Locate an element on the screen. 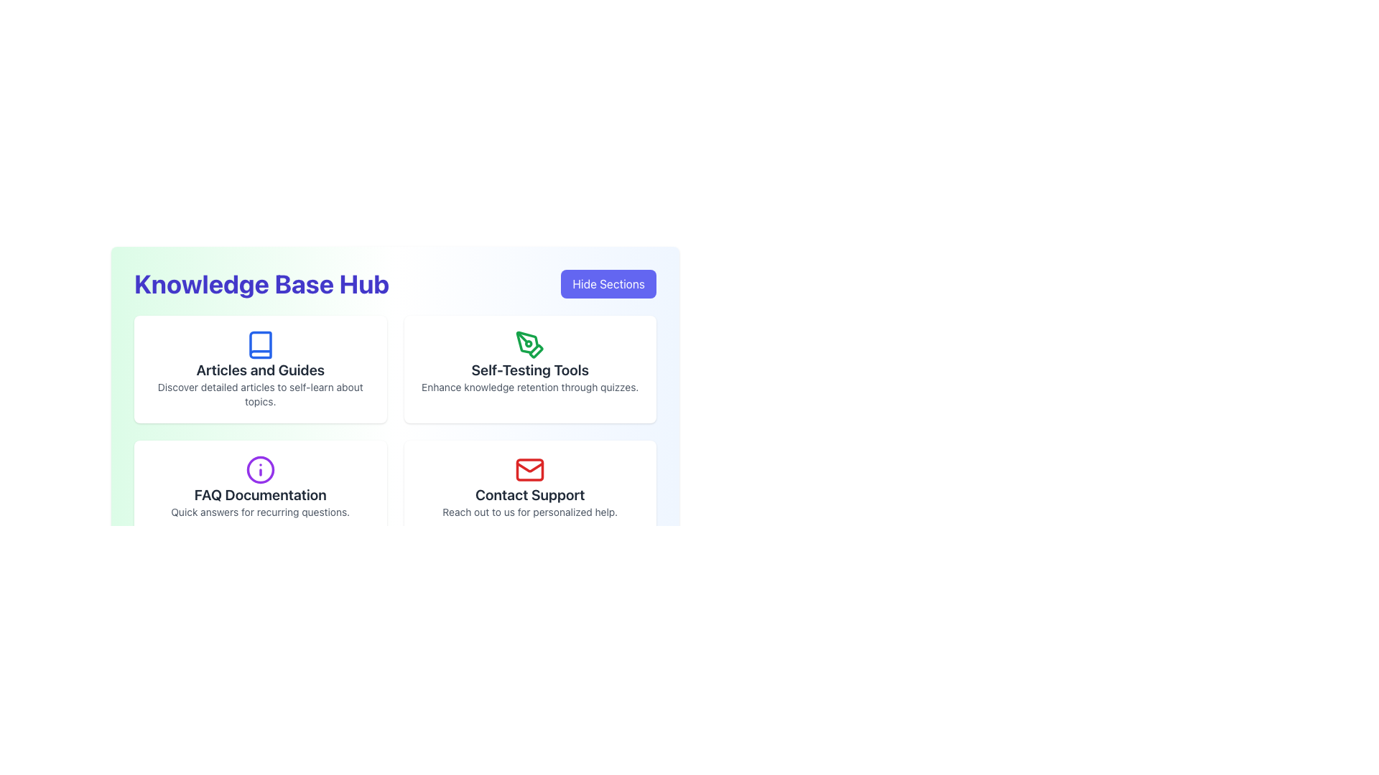 The image size is (1379, 775). the crease icon element of the envelope, which visually enhances the icon but does not have any interactive functionality is located at coordinates (529, 467).